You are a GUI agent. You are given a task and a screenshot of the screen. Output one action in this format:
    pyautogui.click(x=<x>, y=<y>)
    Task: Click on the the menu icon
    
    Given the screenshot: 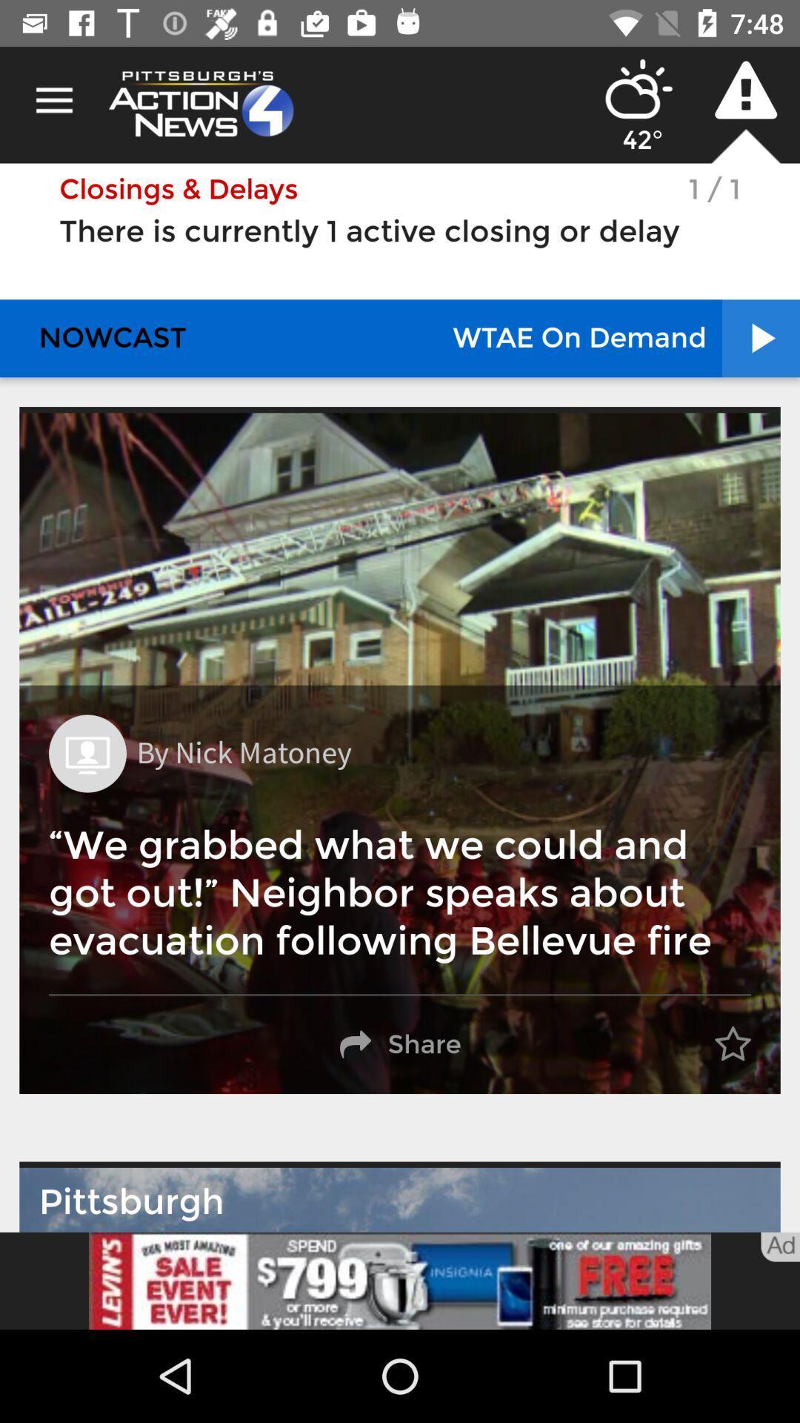 What is the action you would take?
    pyautogui.click(x=53, y=100)
    